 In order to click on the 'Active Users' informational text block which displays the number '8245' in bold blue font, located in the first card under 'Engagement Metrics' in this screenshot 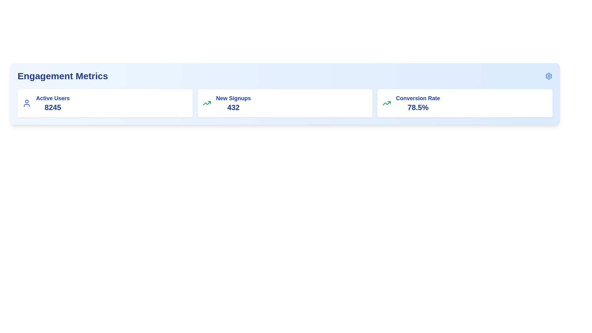, I will do `click(53, 103)`.